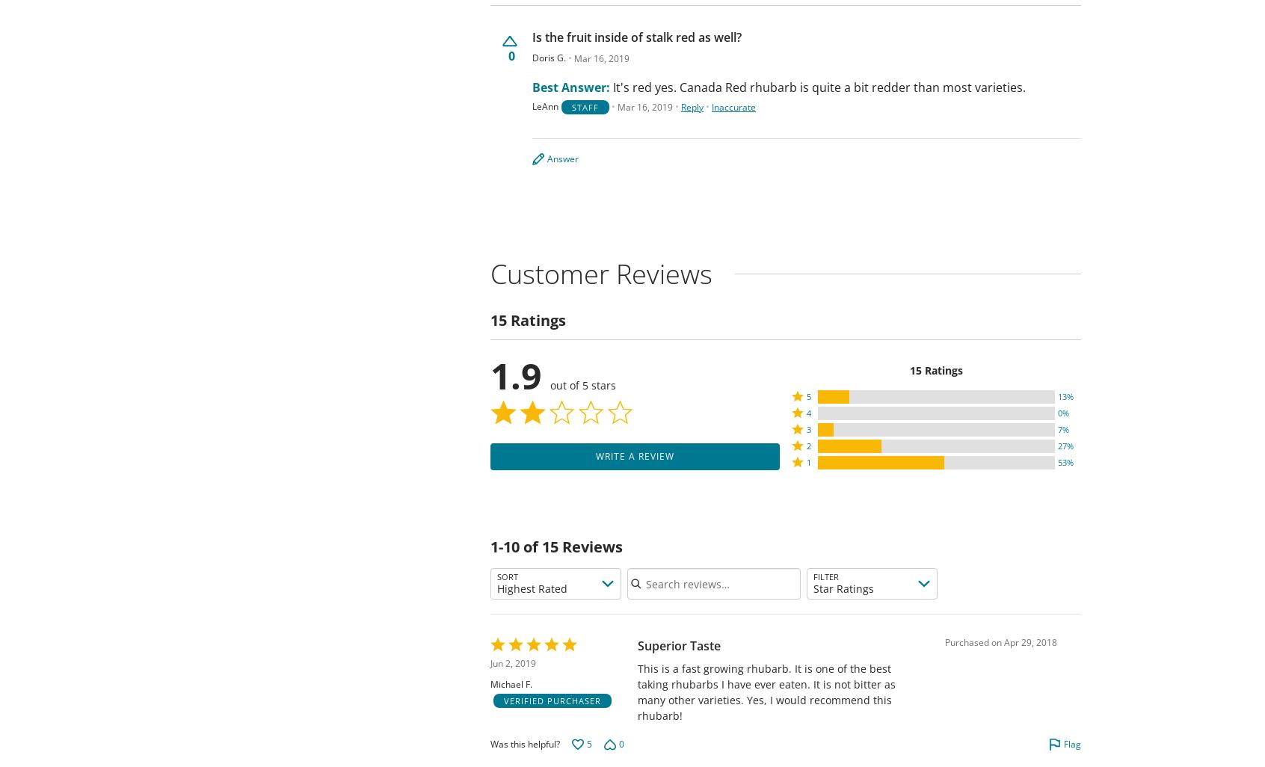 The image size is (1265, 767). Describe the element at coordinates (531, 587) in the screenshot. I see `'Highest Rated'` at that location.